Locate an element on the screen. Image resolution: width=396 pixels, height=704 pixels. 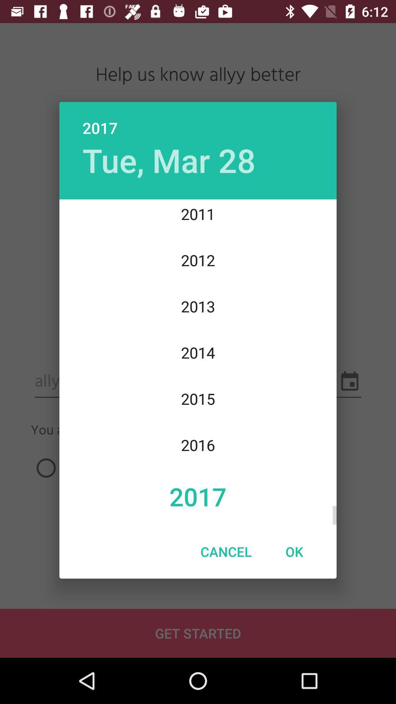
the cancel icon is located at coordinates (225, 551).